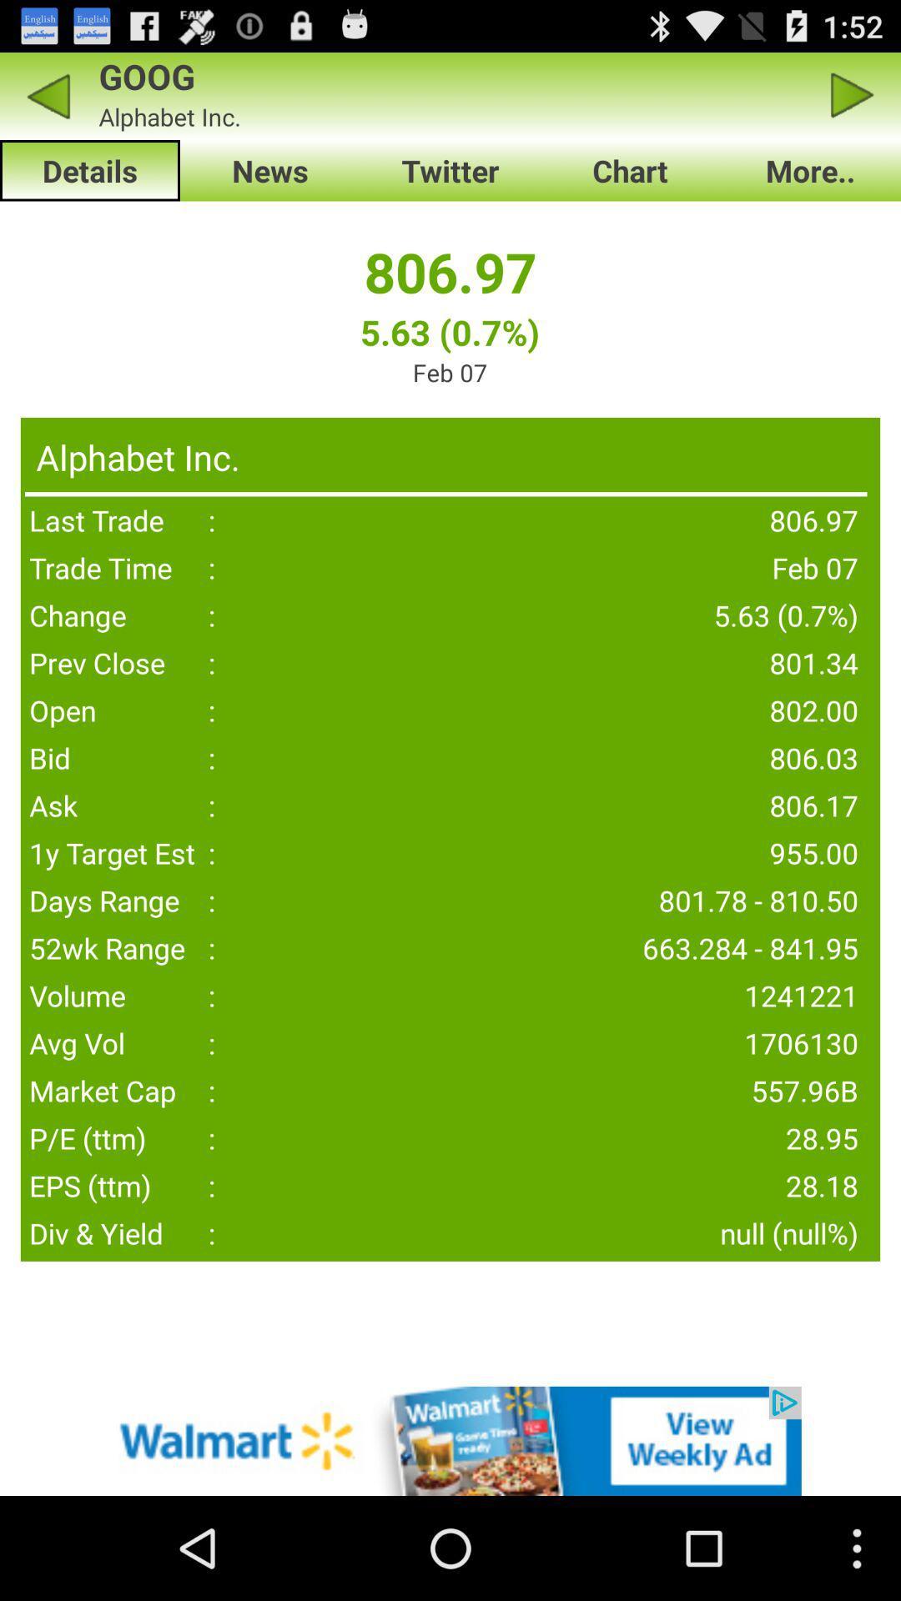  What do you see at coordinates (47, 95) in the screenshot?
I see `back the pages` at bounding box center [47, 95].